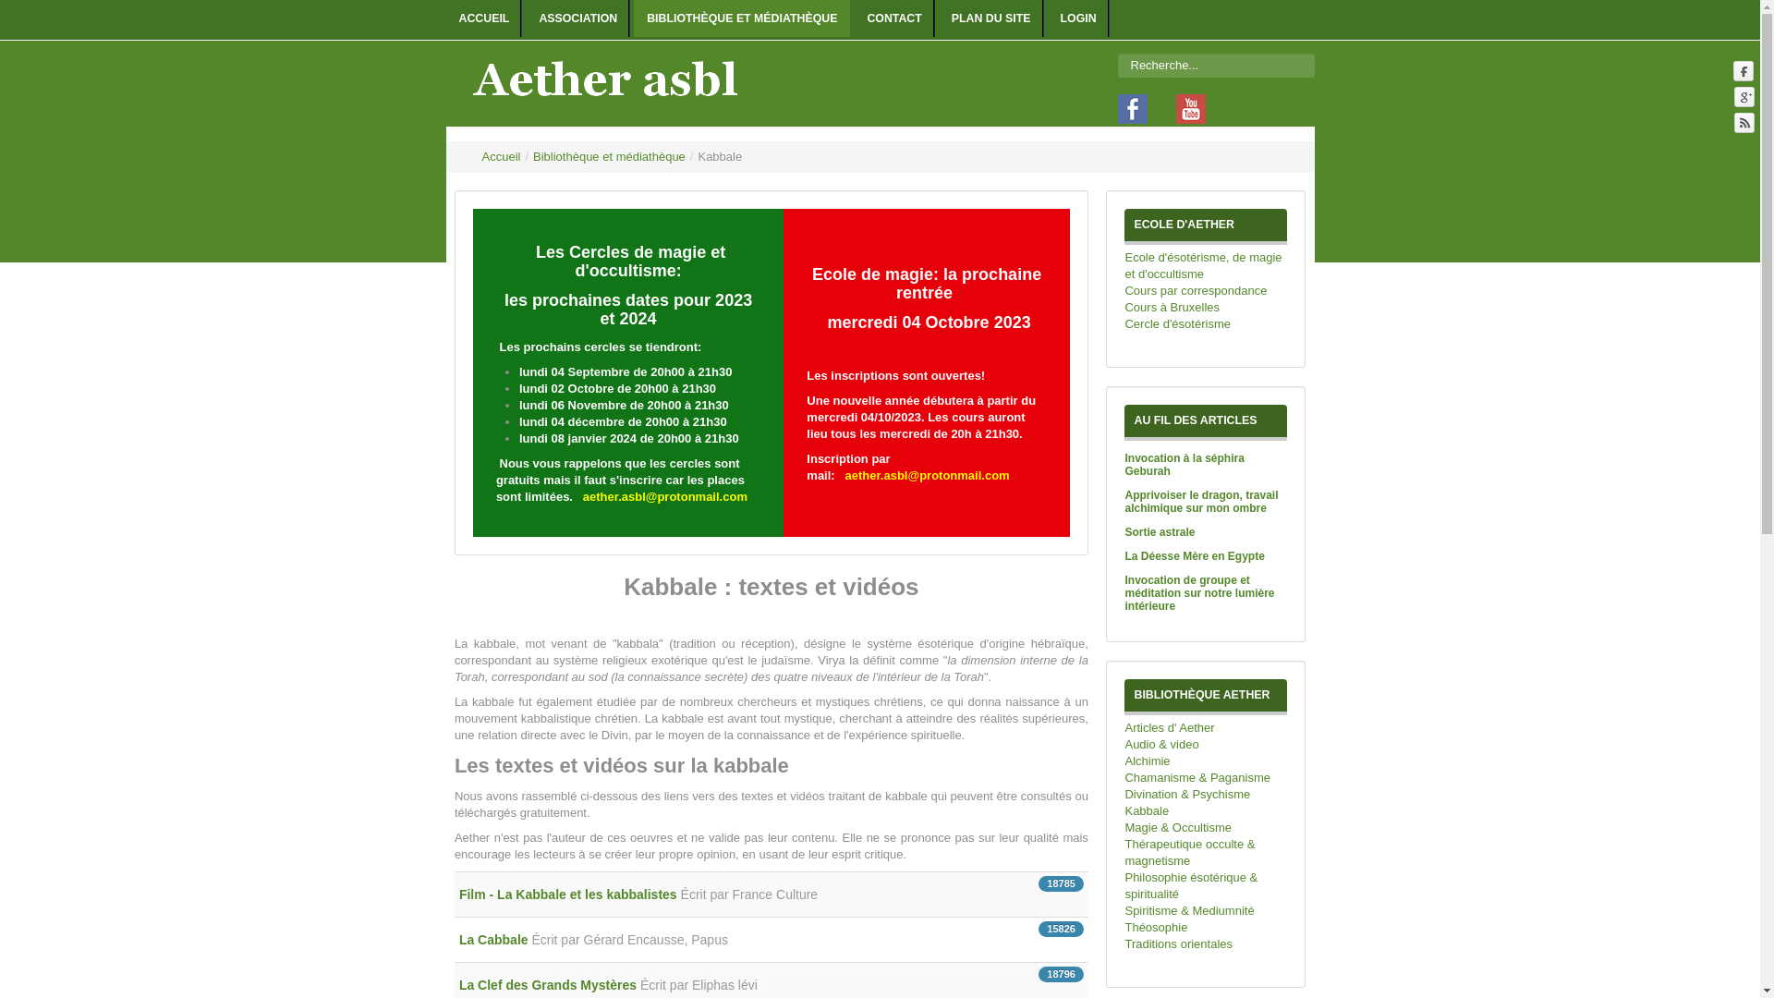  What do you see at coordinates (1201, 502) in the screenshot?
I see `'Apprivoiser le dragon, travail alchimique sur mon ombre'` at bounding box center [1201, 502].